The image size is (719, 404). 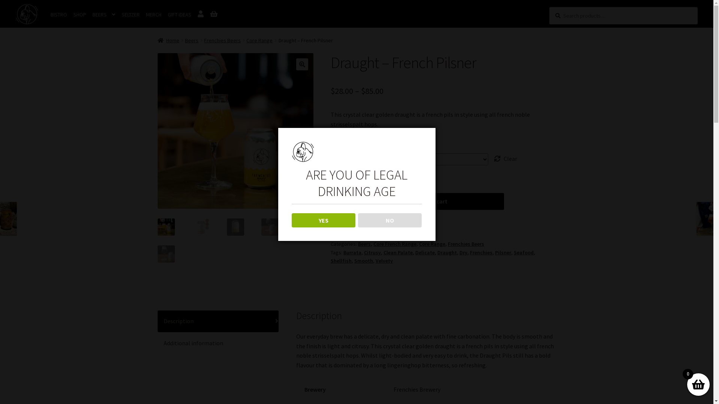 I want to click on 'Frenchies Beers', so click(x=222, y=40).